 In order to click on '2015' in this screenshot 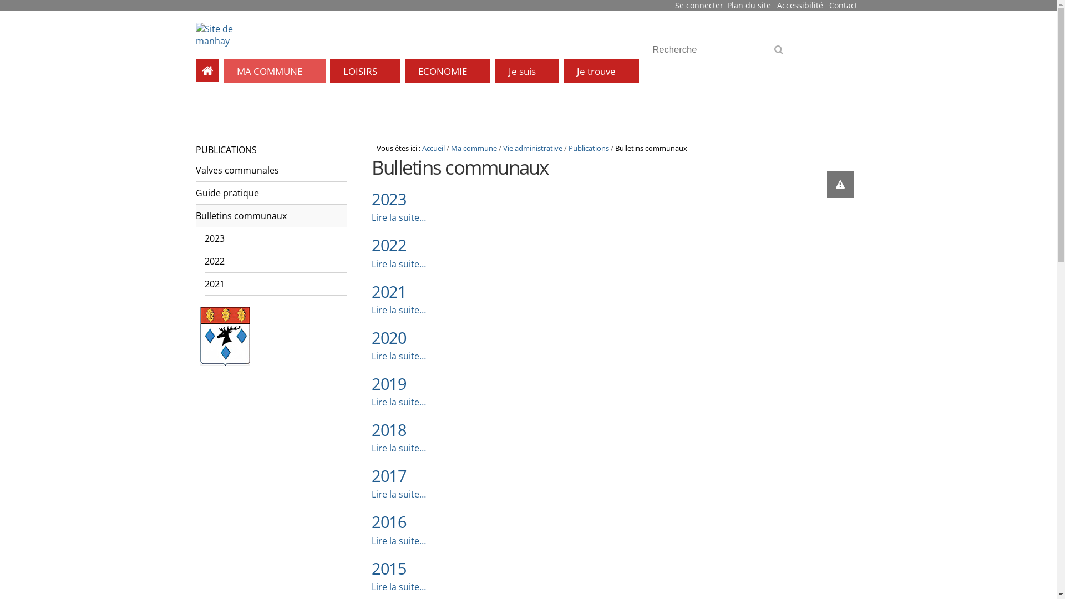, I will do `click(388, 568)`.